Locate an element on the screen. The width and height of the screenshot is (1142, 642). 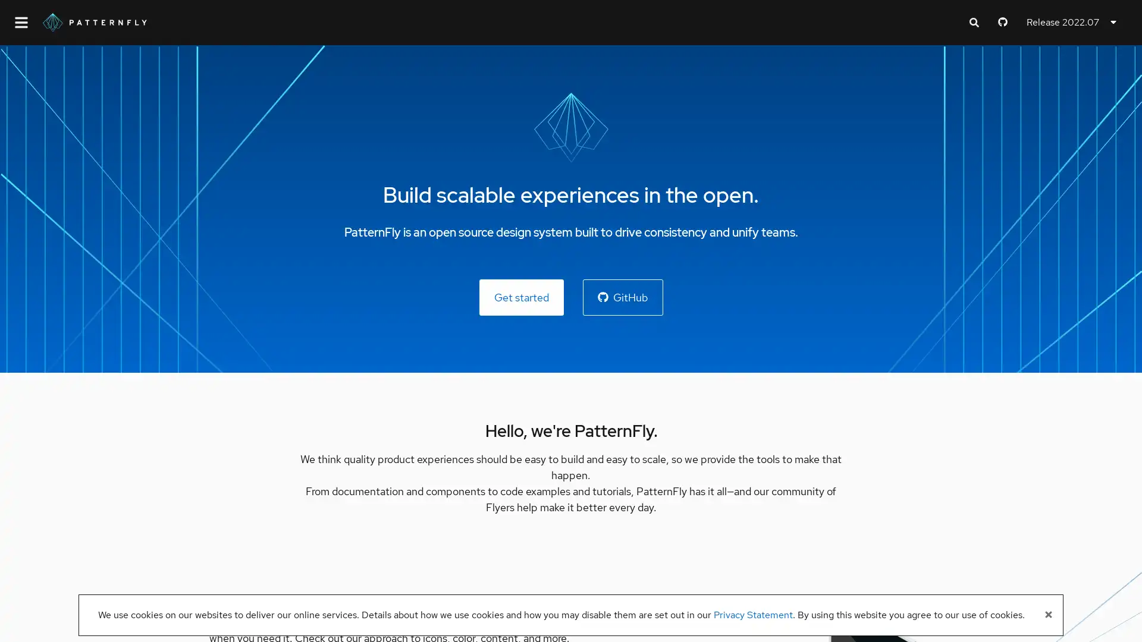
Close banner is located at coordinates (1048, 615).